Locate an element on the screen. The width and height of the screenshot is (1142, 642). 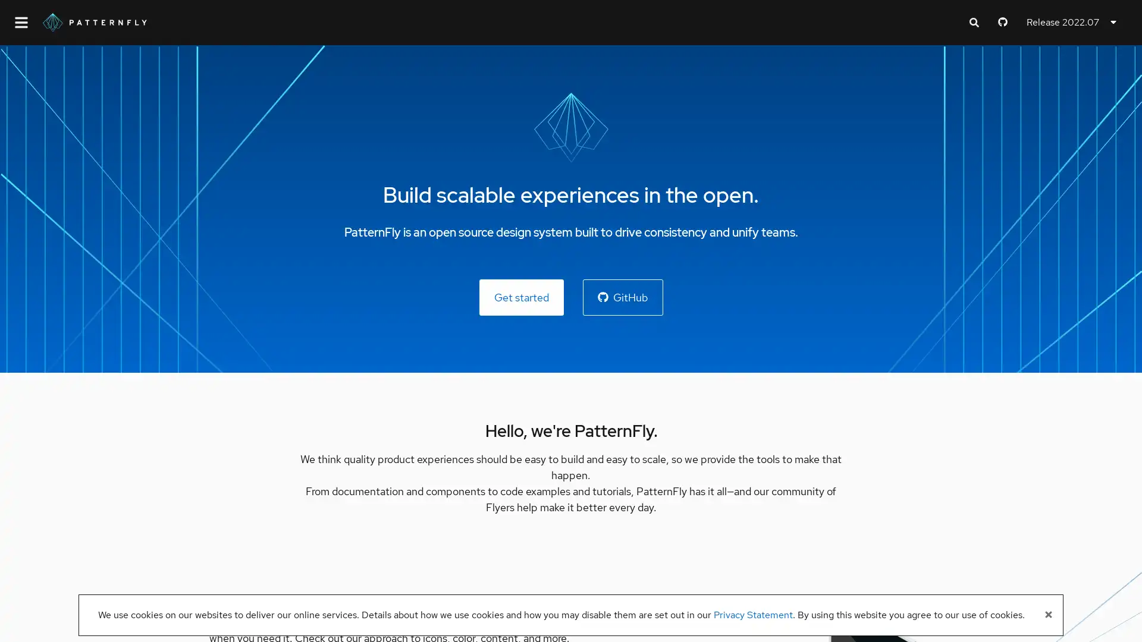
Close banner is located at coordinates (1048, 615).